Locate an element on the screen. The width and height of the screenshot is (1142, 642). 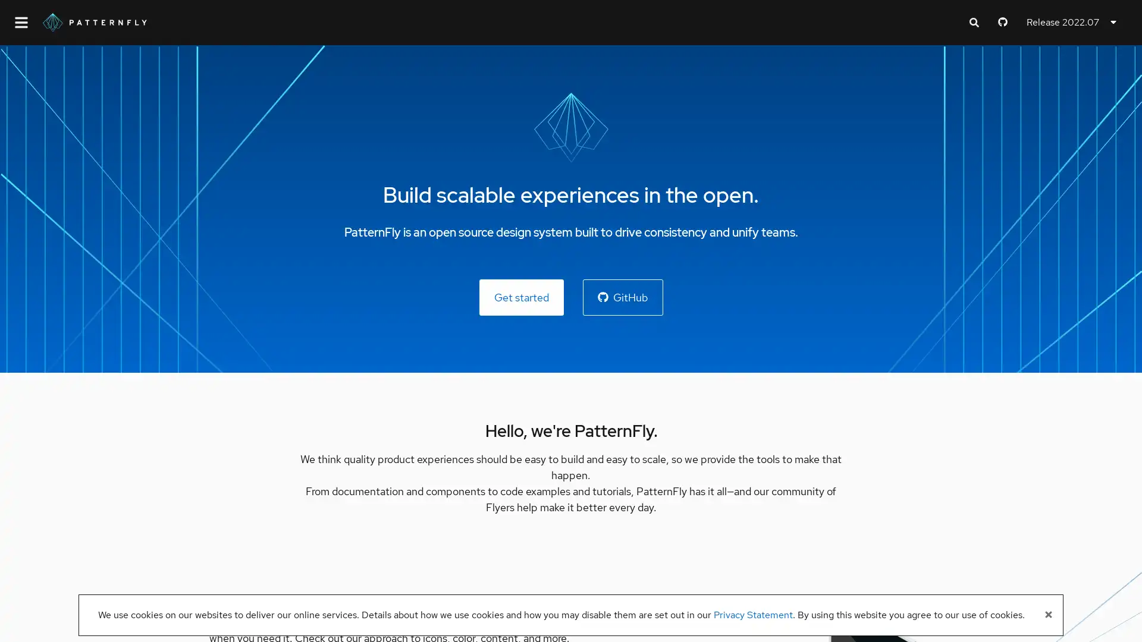
Close banner is located at coordinates (1048, 615).